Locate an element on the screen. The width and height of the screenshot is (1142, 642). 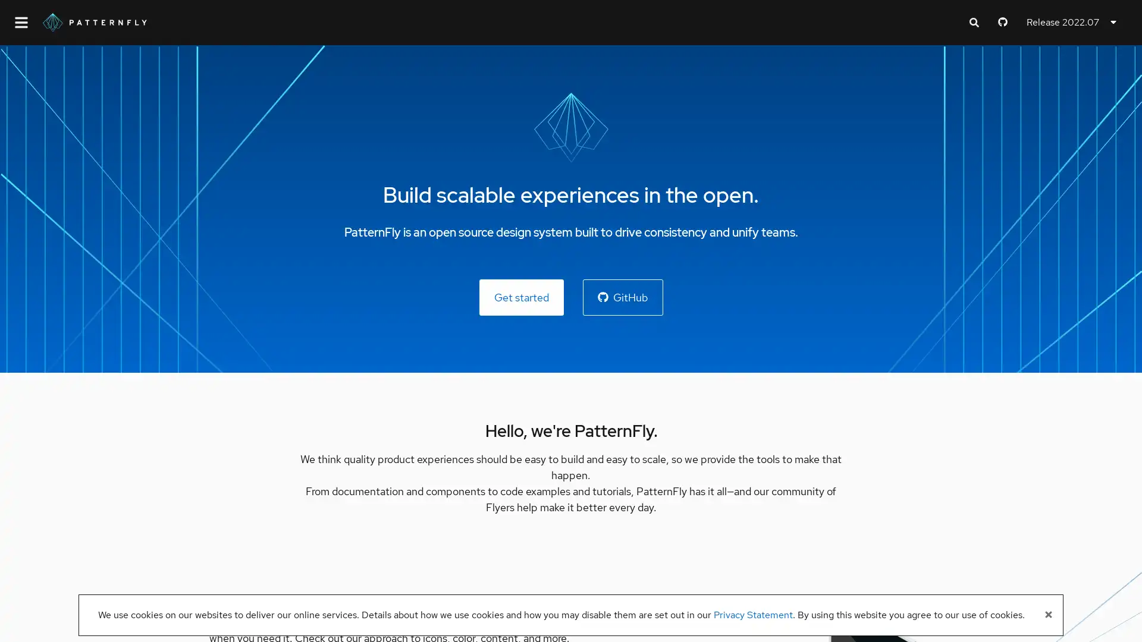
Close banner is located at coordinates (1048, 615).